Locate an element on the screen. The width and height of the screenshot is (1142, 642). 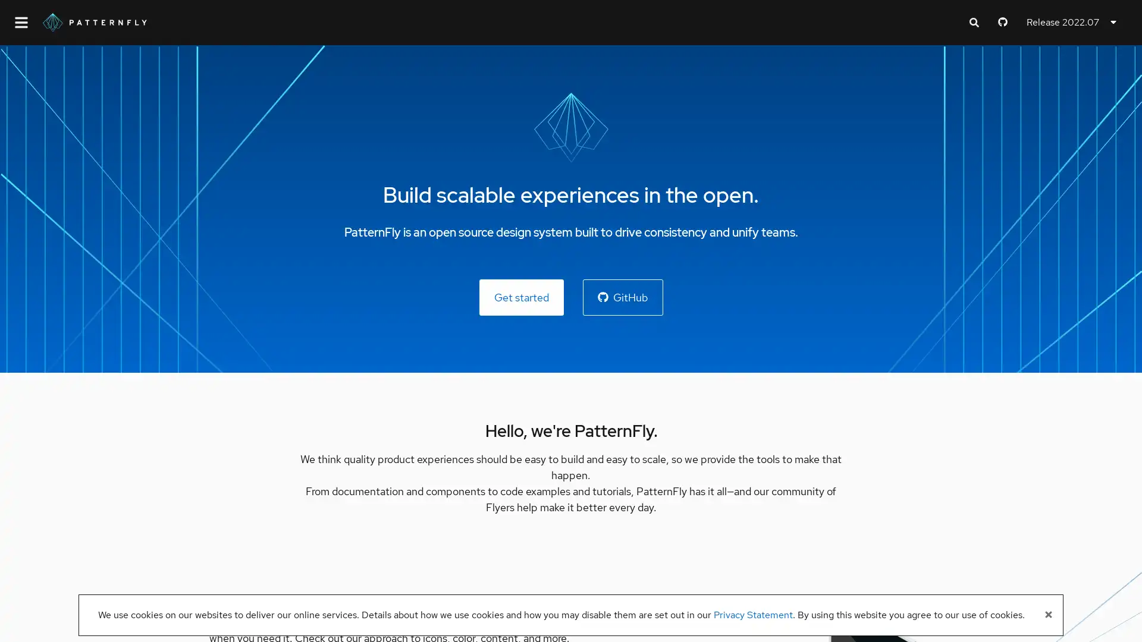
Close banner is located at coordinates (1048, 615).